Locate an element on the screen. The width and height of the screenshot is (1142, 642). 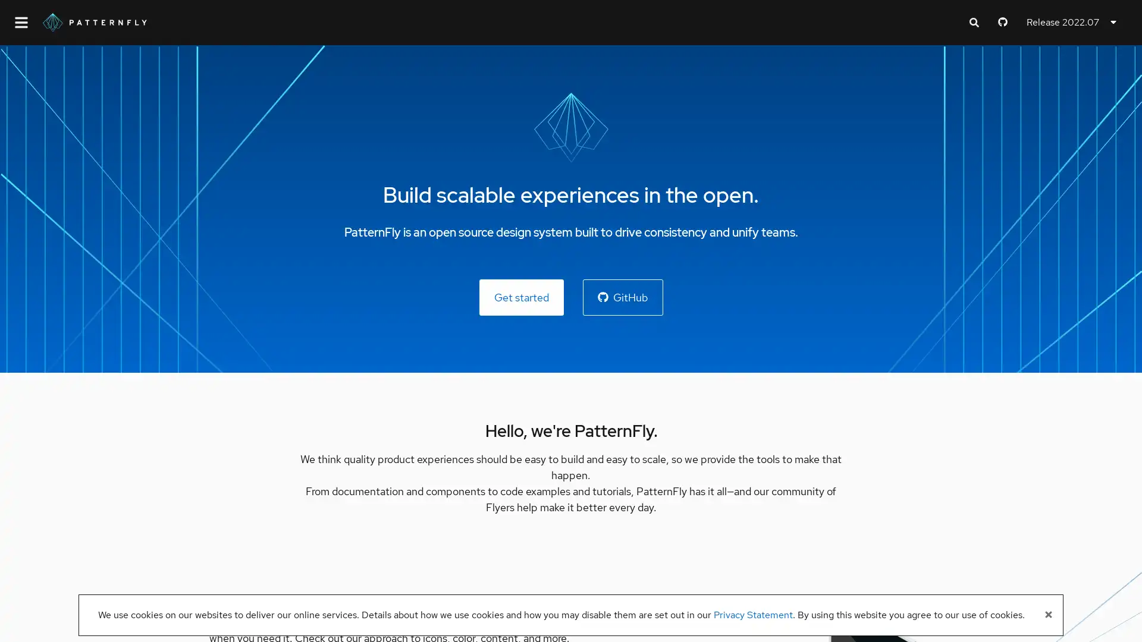
Close banner is located at coordinates (1048, 615).